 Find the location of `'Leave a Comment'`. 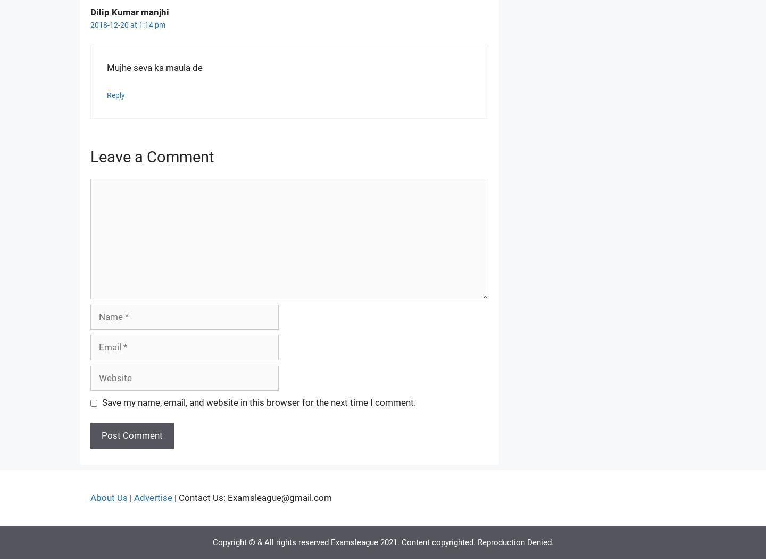

'Leave a Comment' is located at coordinates (151, 157).